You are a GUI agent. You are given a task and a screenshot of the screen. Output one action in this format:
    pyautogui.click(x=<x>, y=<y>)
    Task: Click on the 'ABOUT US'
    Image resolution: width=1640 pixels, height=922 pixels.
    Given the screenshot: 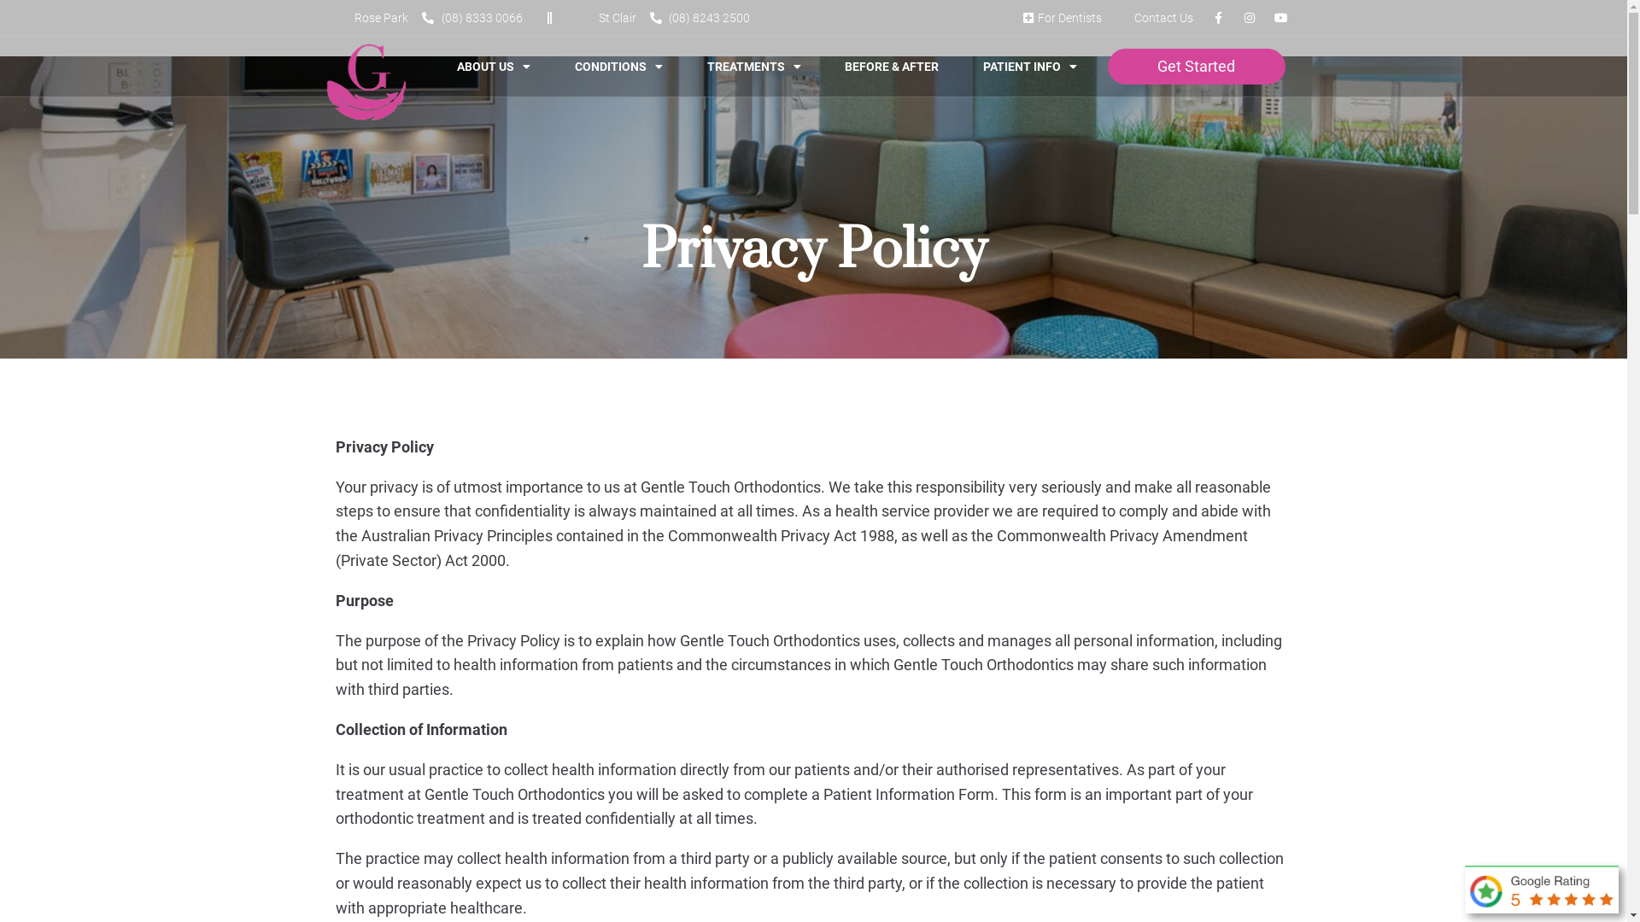 What is the action you would take?
    pyautogui.click(x=442, y=65)
    